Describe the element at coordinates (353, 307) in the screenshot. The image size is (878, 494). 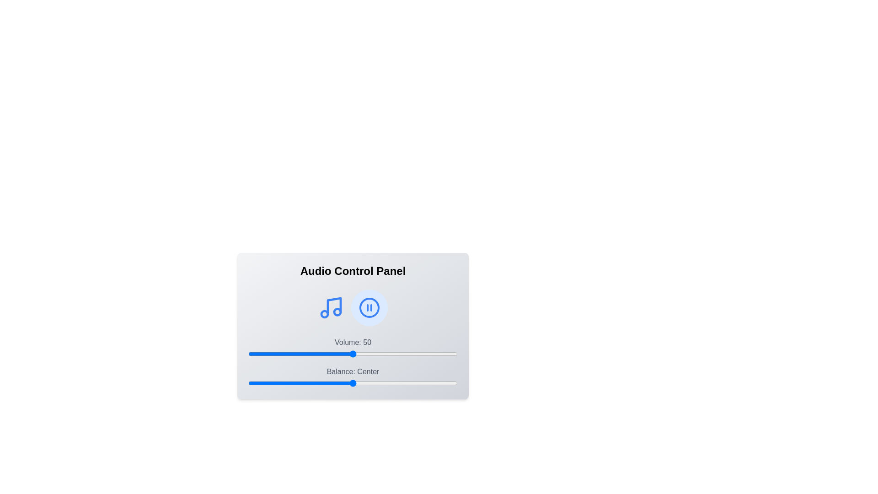
I see `the icons in the Audio Control Panel, specifically the musical note and the circular pause button` at that location.